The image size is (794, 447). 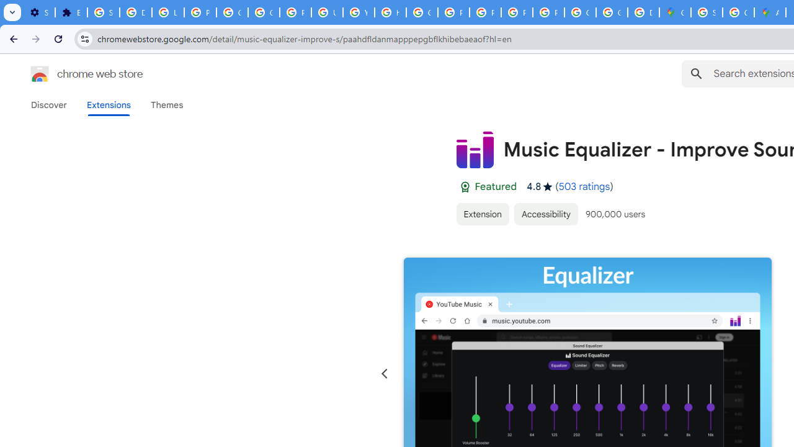 I want to click on 'Chrome Web Store logo', so click(x=40, y=74).